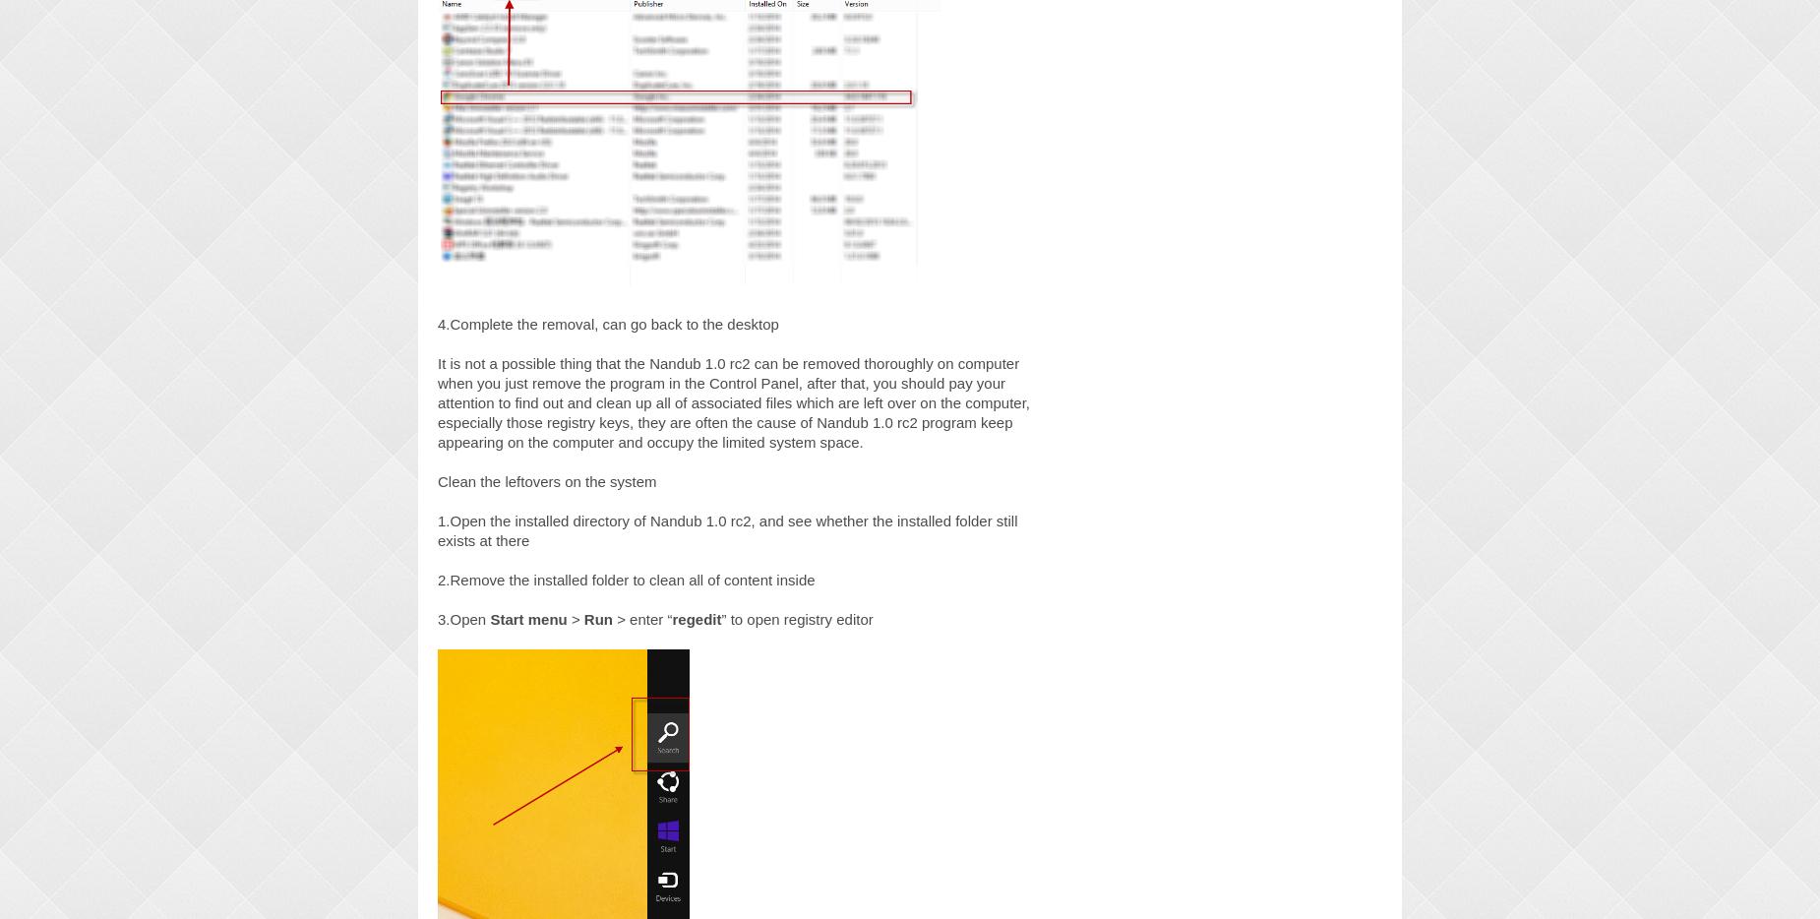  Describe the element at coordinates (642, 618) in the screenshot. I see `'> enter “'` at that location.